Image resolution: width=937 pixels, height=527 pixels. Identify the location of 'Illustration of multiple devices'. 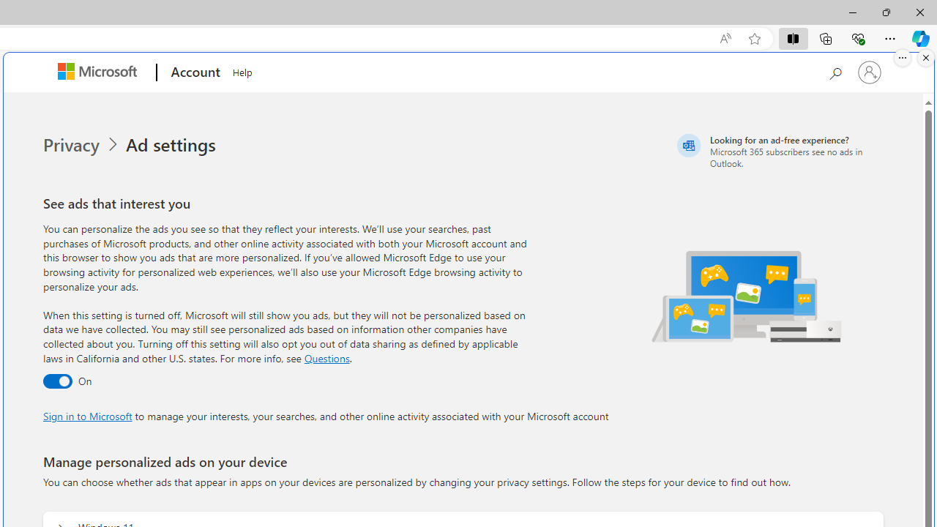
(747, 296).